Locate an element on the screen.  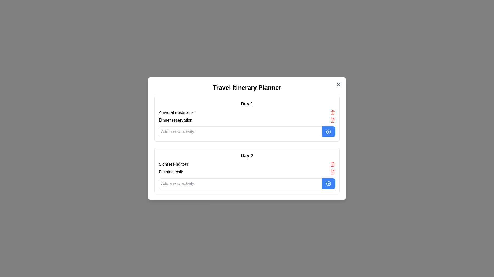
the blue circular button with a plus icon located to the right of the input field labeled 'Add a new activity' under 'Day 1' in the travel itinerary planner pop-up is located at coordinates (328, 131).